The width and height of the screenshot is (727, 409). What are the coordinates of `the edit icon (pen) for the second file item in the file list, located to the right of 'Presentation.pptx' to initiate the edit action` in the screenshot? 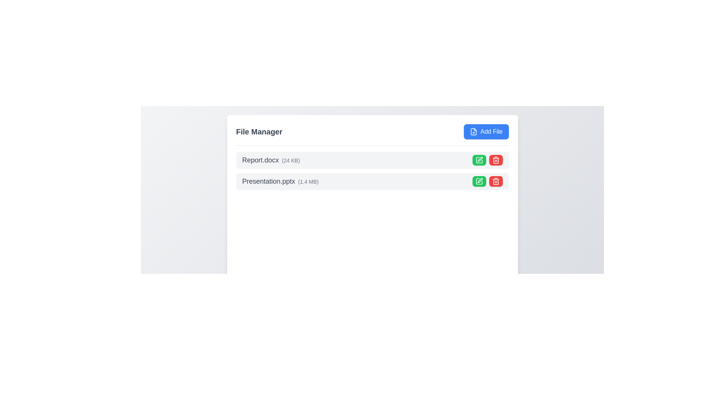 It's located at (479, 159).